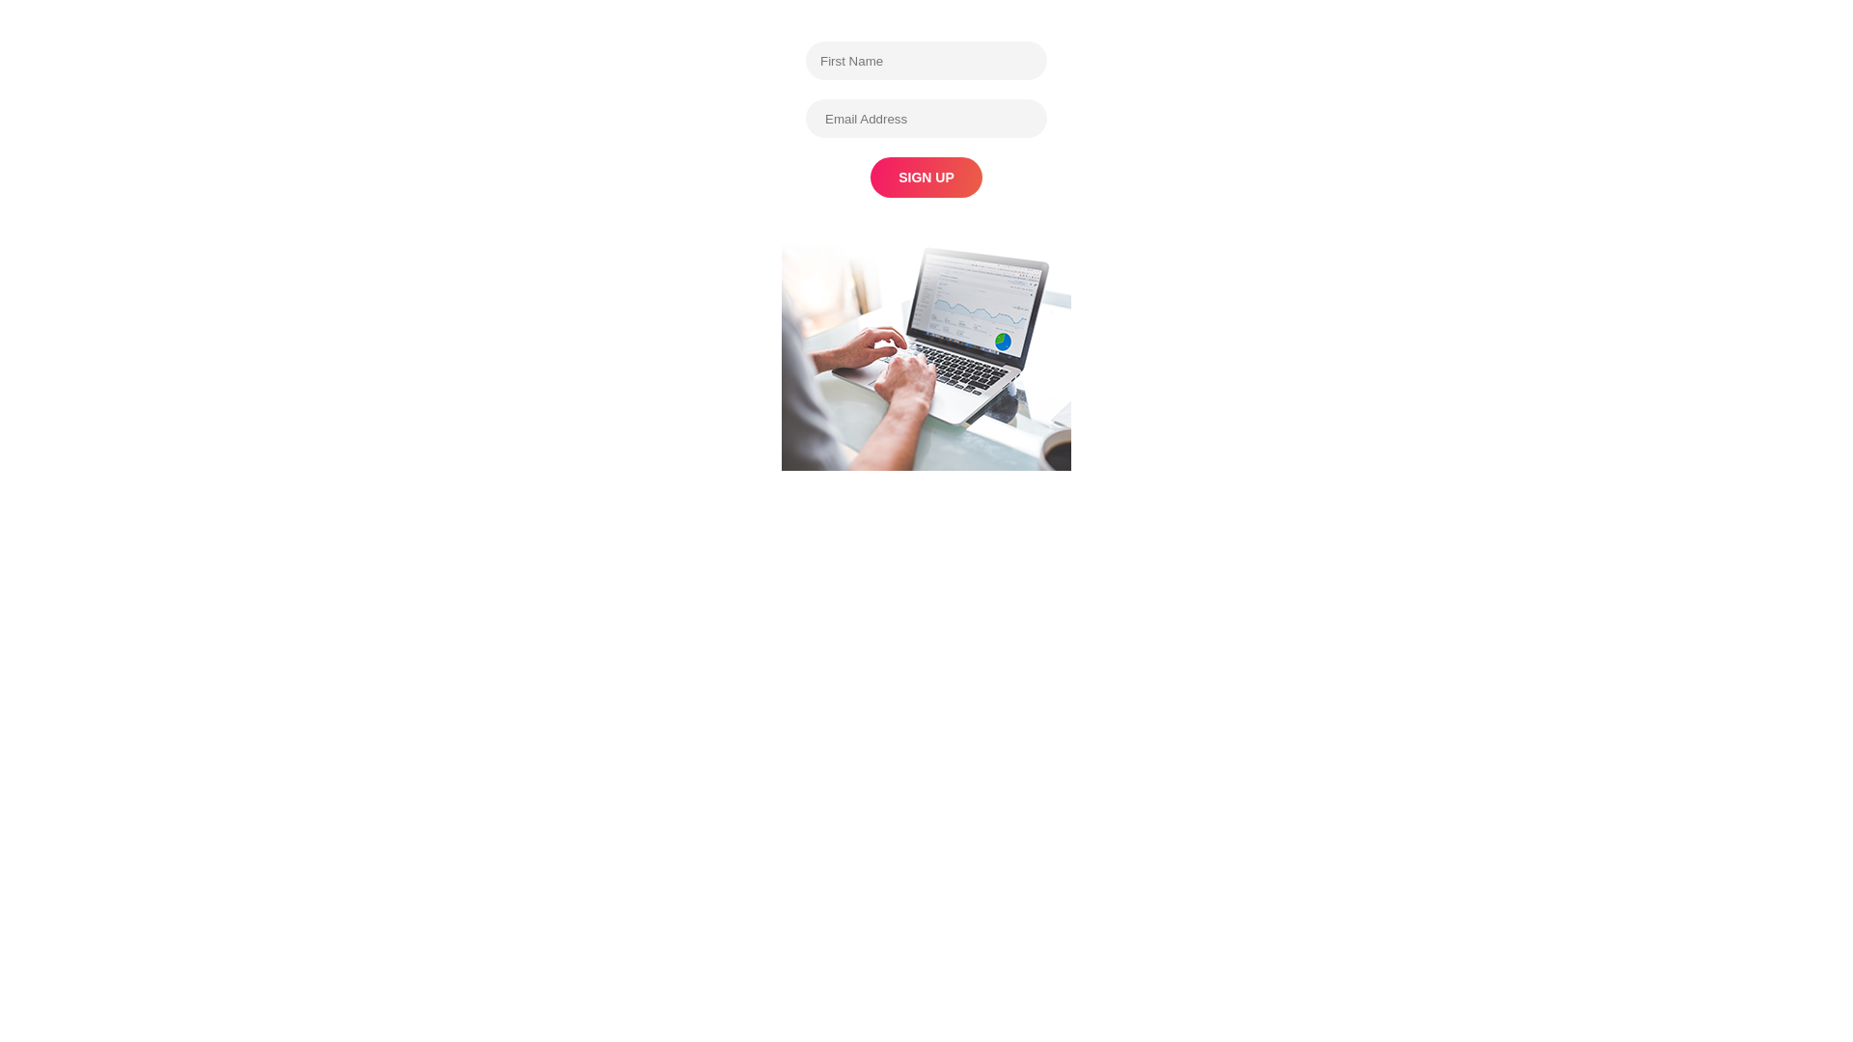 The height and width of the screenshot is (1042, 1853). Describe the element at coordinates (926, 178) in the screenshot. I see `'Sign Up'` at that location.